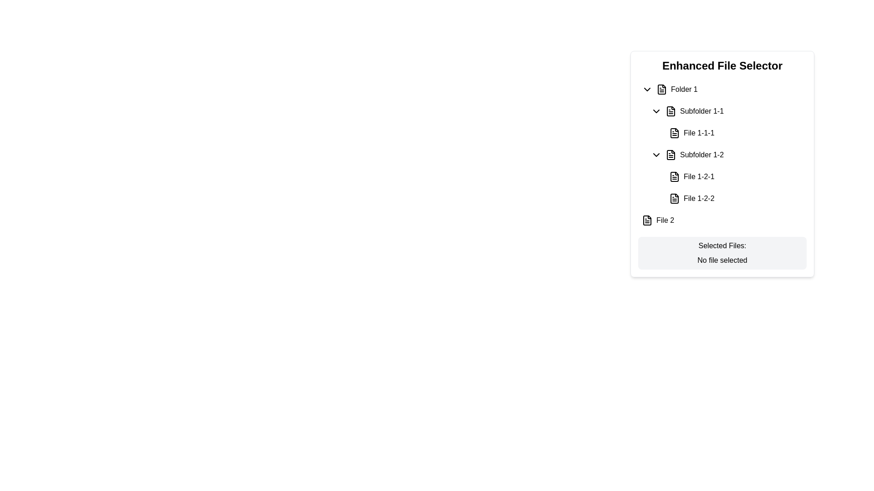 This screenshot has height=491, width=874. What do you see at coordinates (727, 154) in the screenshot?
I see `the selectable list item labeled 'Subfolder 1-2' in the Enhanced File Selector` at bounding box center [727, 154].